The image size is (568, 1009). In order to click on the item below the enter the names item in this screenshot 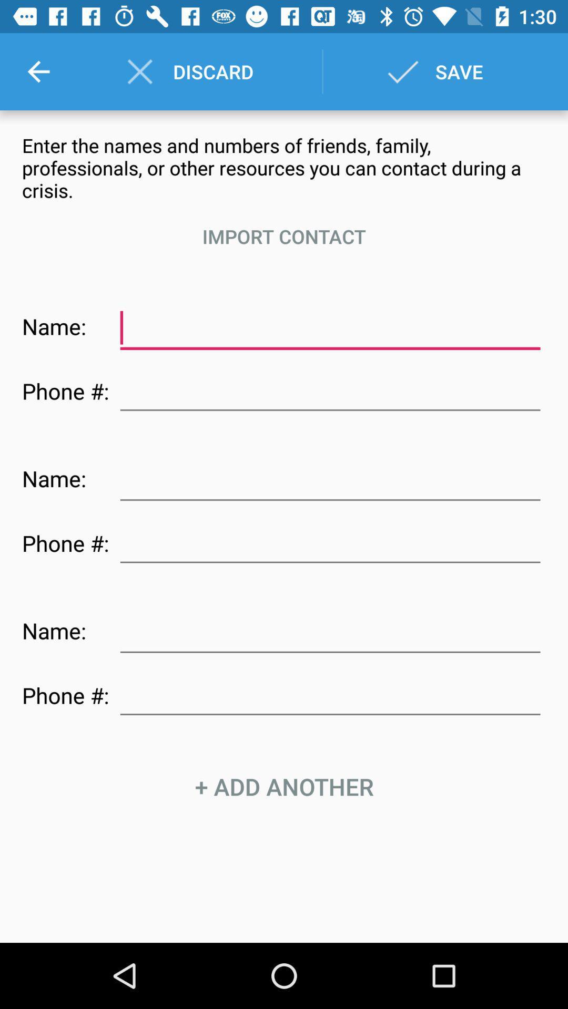, I will do `click(284, 236)`.